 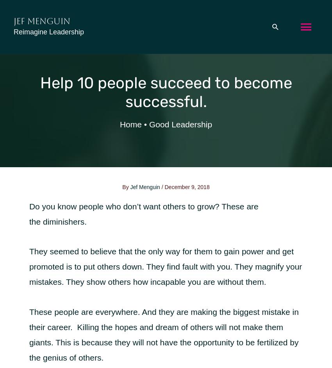 I want to click on 'By', so click(x=126, y=187).